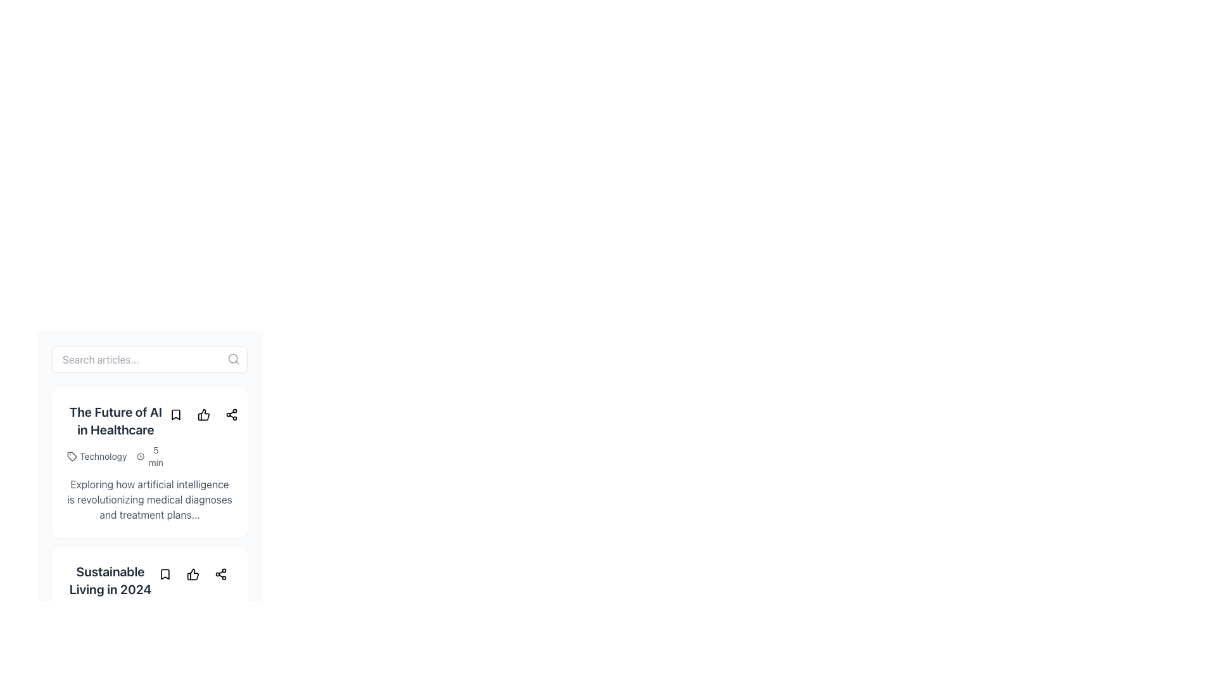  Describe the element at coordinates (233, 358) in the screenshot. I see `the circular icon representing the lens of the magnifying glass located at the top-right corner of the search bar module` at that location.